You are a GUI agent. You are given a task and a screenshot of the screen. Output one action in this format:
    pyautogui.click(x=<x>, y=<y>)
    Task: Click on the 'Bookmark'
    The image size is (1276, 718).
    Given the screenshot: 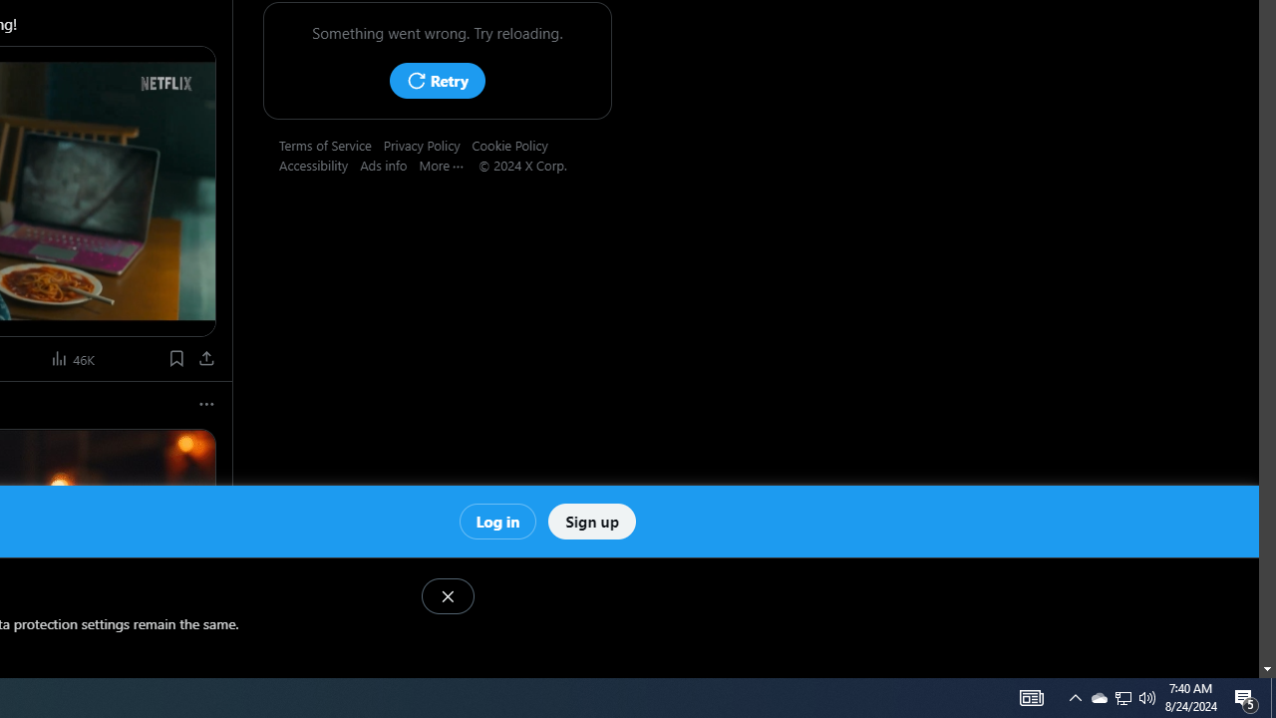 What is the action you would take?
    pyautogui.click(x=175, y=357)
    